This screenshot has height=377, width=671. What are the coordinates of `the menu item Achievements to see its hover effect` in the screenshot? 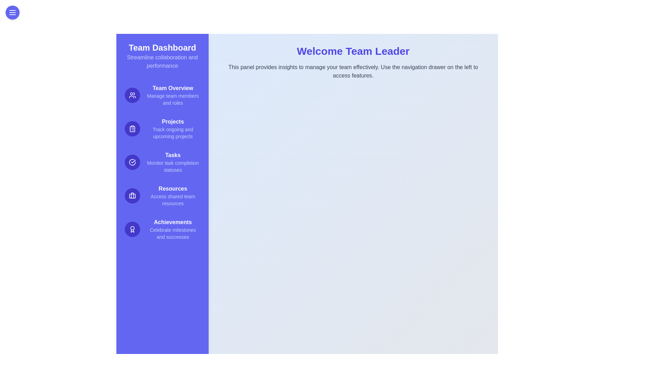 It's located at (162, 229).